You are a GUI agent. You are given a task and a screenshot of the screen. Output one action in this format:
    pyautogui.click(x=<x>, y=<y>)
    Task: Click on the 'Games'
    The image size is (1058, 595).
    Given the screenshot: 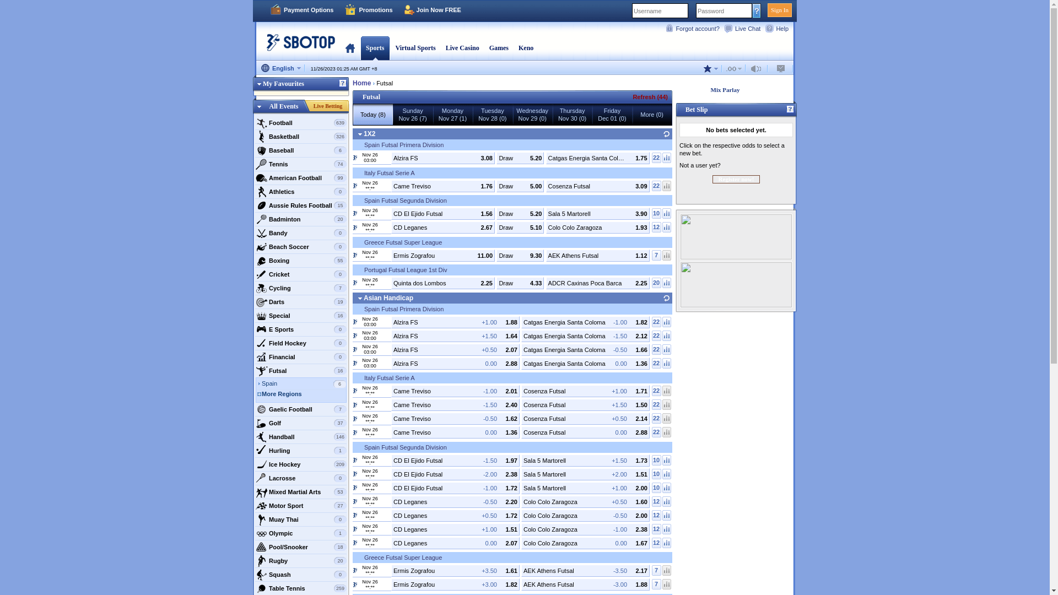 What is the action you would take?
    pyautogui.click(x=498, y=47)
    